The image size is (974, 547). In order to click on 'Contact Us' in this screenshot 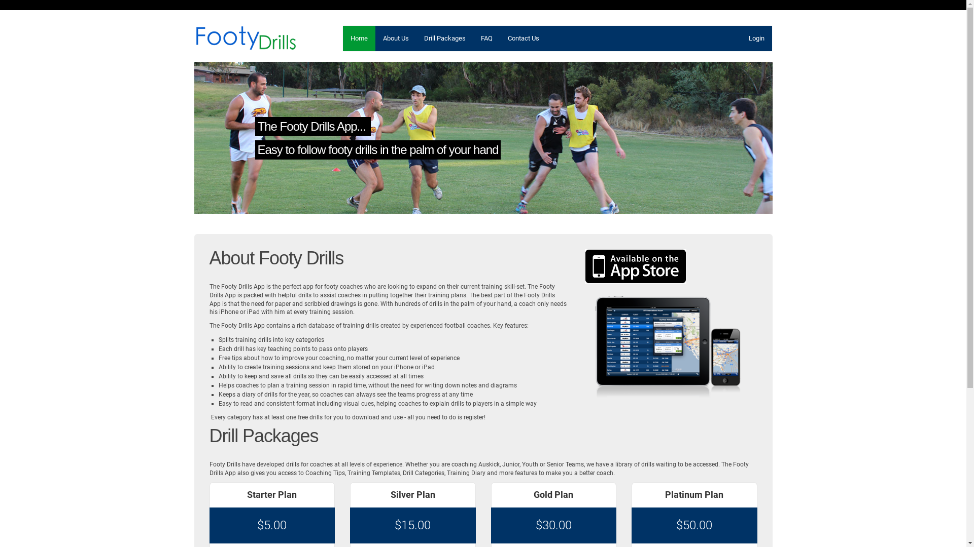, I will do `click(524, 38)`.